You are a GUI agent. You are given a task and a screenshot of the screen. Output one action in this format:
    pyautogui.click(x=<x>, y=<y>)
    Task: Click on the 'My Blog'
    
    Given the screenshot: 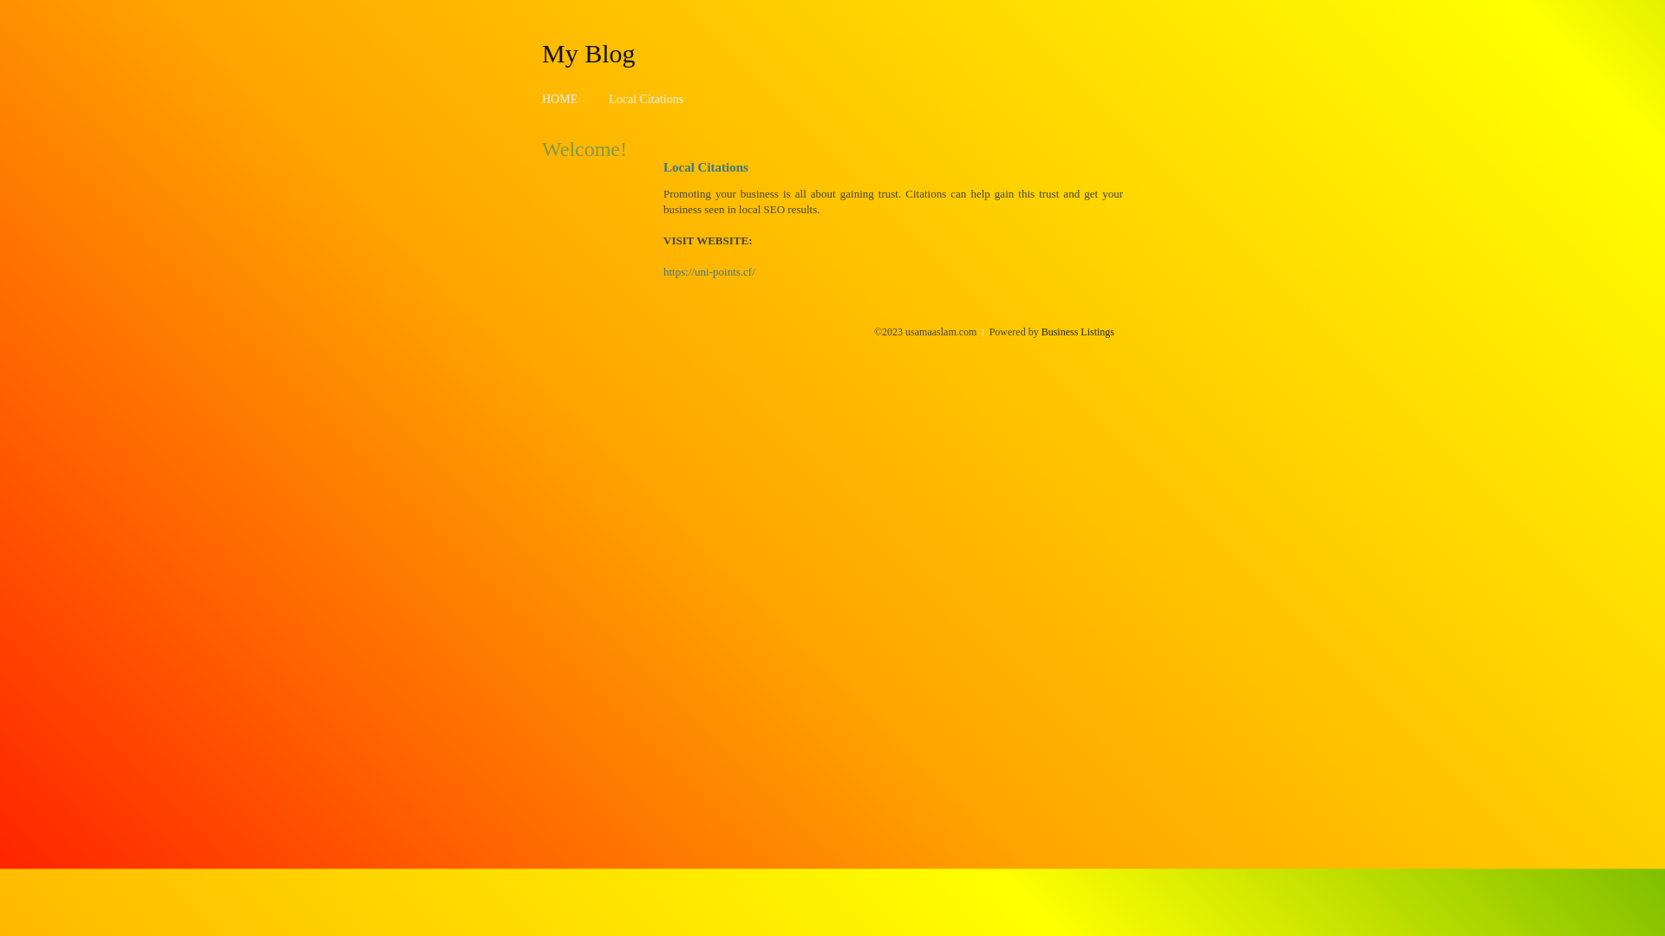 What is the action you would take?
    pyautogui.click(x=540, y=52)
    